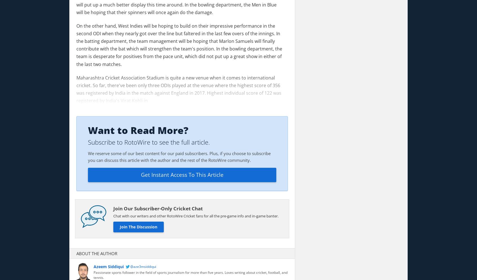 The width and height of the screenshot is (477, 280). Describe the element at coordinates (138, 227) in the screenshot. I see `'Join The Discussion'` at that location.